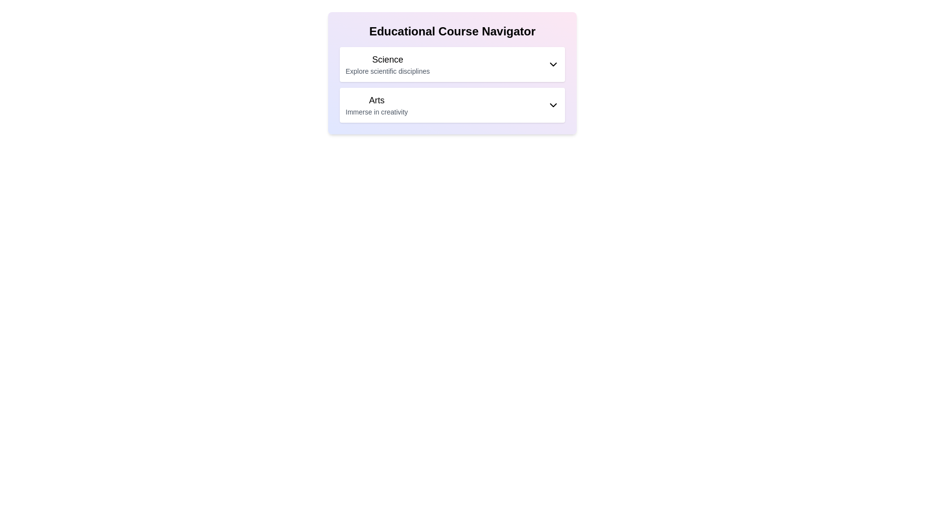 Image resolution: width=932 pixels, height=524 pixels. Describe the element at coordinates (451, 105) in the screenshot. I see `the 'Arts' option in the dropdown menu located under the 'Educational Course Navigator' section` at that location.